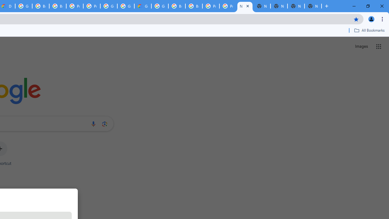  Describe the element at coordinates (160, 6) in the screenshot. I see `'Google Cloud Platform'` at that location.